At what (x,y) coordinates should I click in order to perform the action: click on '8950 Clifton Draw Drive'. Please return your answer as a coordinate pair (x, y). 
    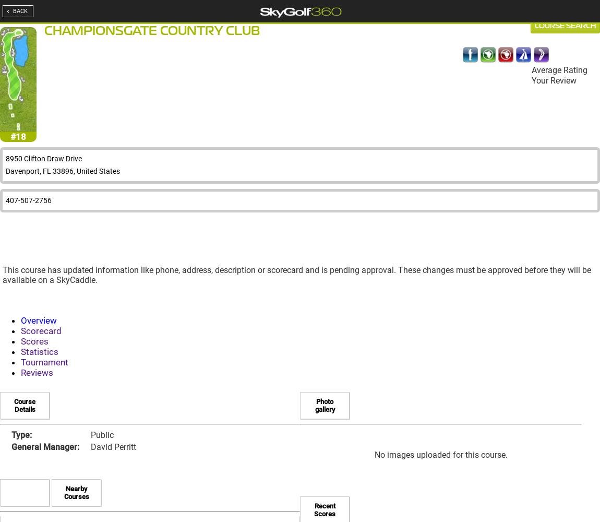
    Looking at the image, I should click on (43, 159).